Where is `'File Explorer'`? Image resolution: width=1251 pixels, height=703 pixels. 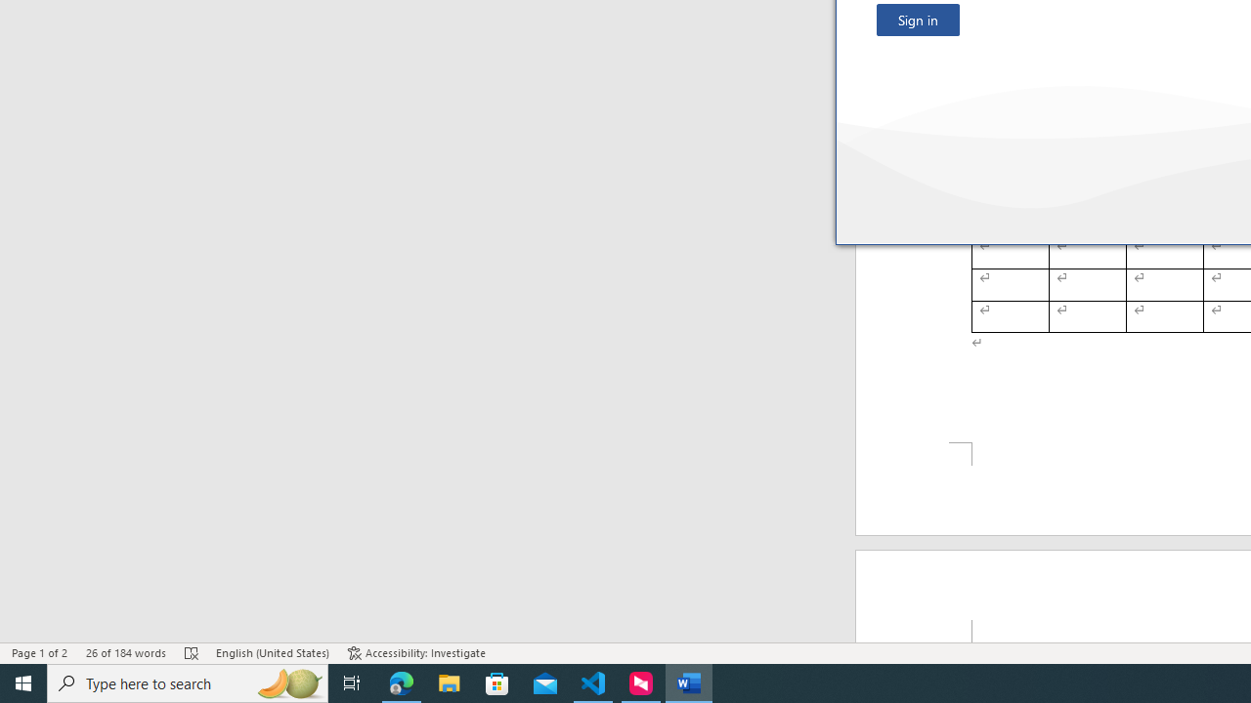
'File Explorer' is located at coordinates (449, 682).